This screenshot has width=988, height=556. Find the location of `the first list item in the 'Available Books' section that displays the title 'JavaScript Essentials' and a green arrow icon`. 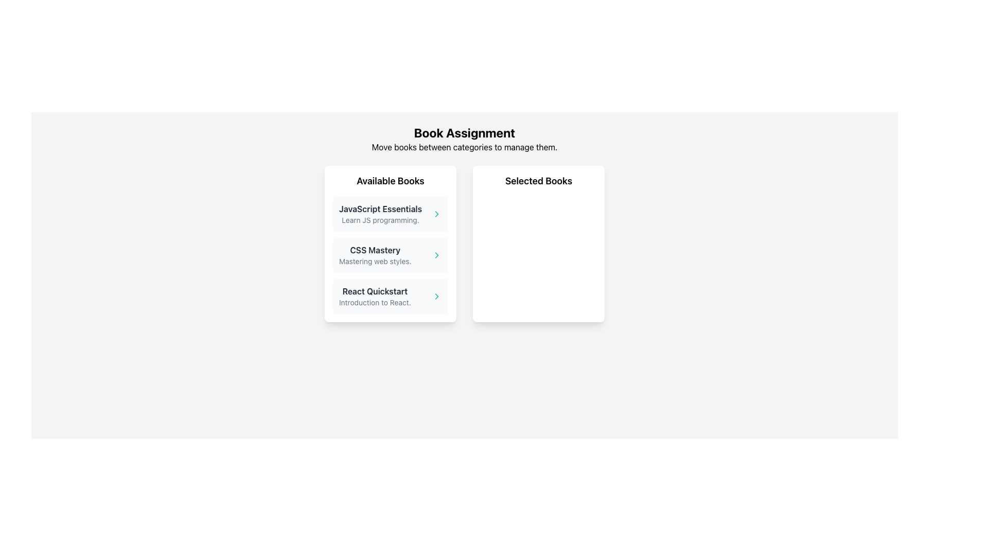

the first list item in the 'Available Books' section that displays the title 'JavaScript Essentials' and a green arrow icon is located at coordinates (390, 214).